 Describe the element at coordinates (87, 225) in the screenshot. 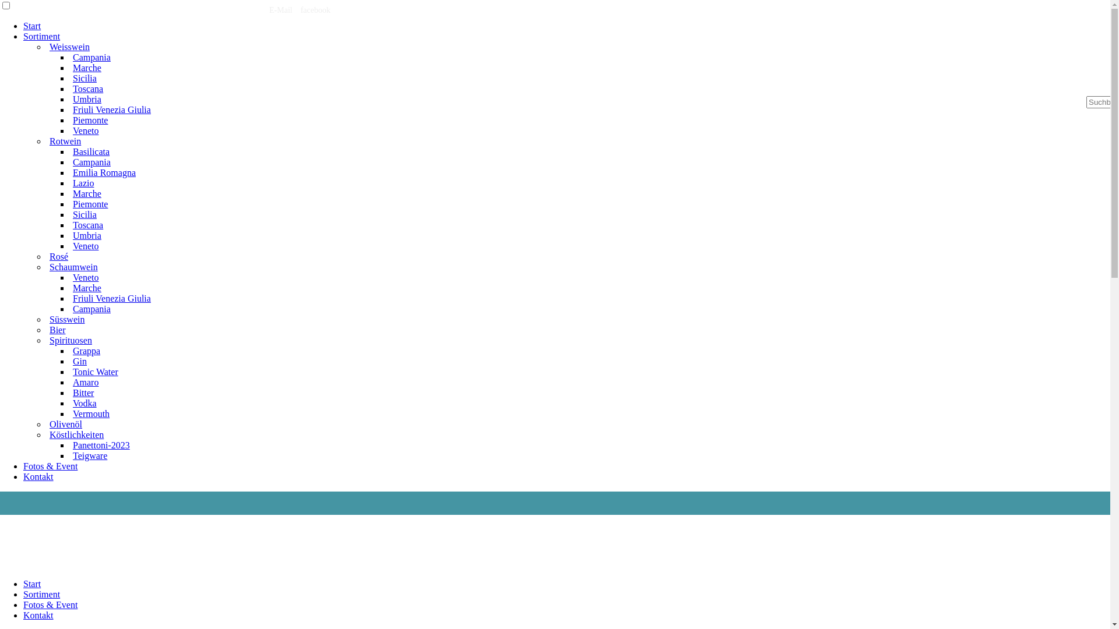

I see `'Toscana'` at that location.